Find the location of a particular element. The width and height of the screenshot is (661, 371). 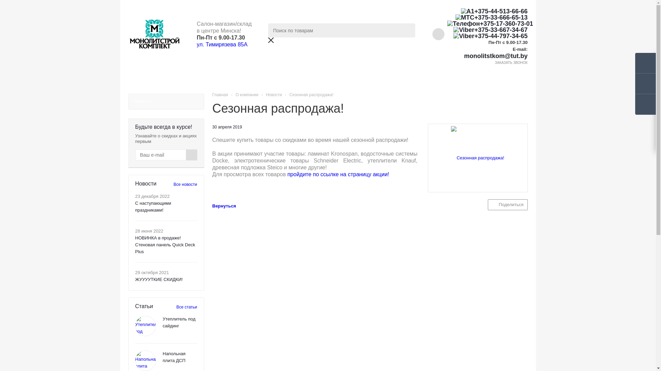

'Viber' is located at coordinates (453, 36).